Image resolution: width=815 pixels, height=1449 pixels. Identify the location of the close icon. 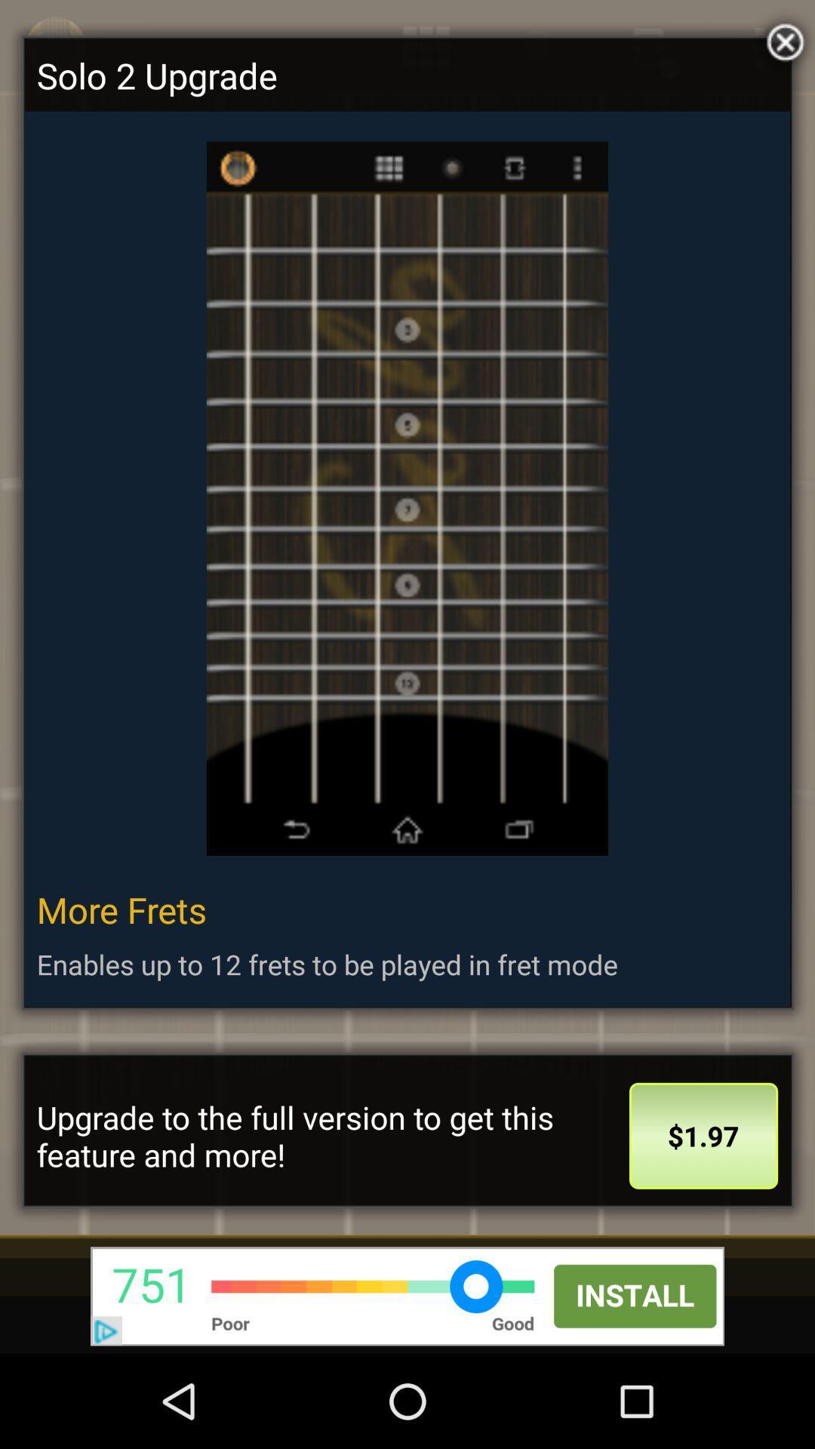
(781, 41).